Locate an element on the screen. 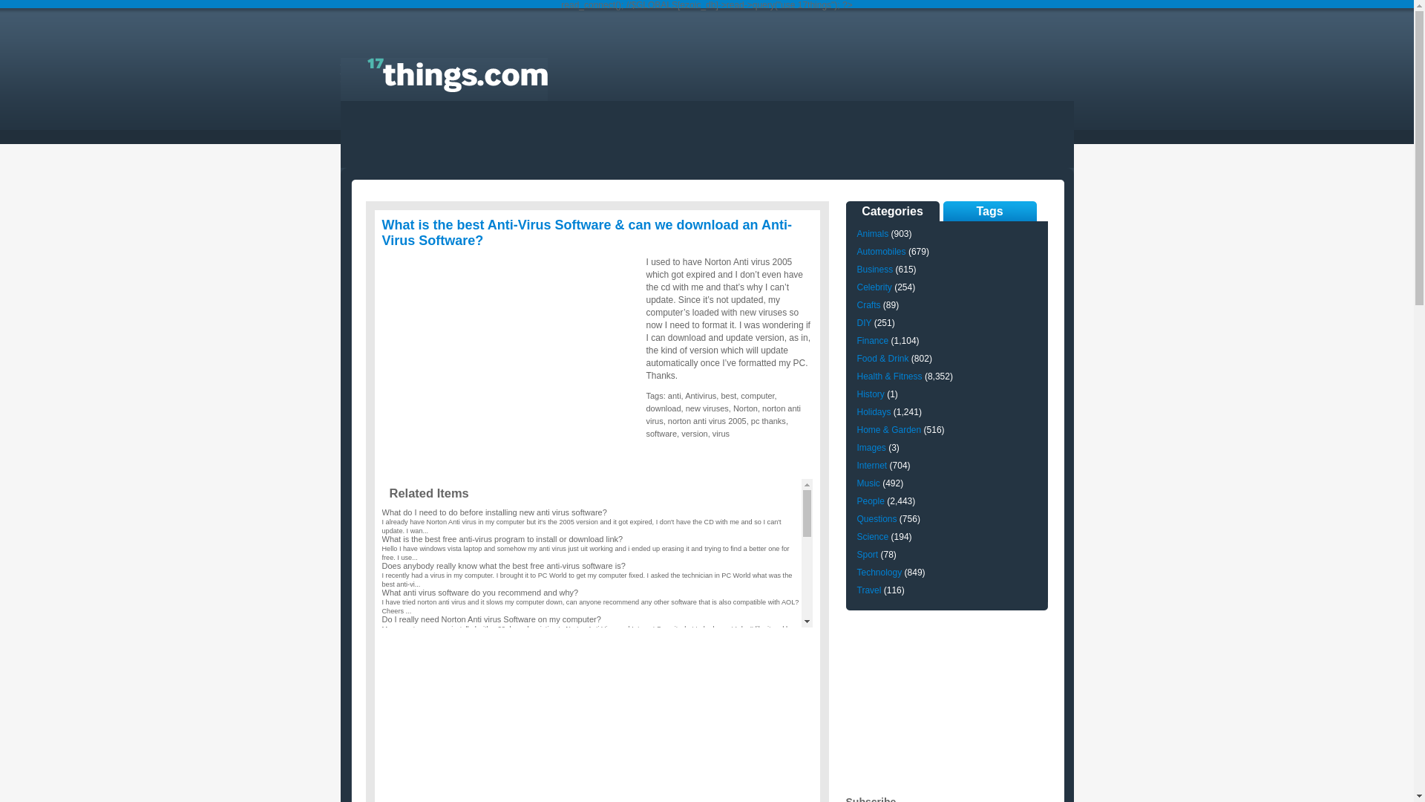 The height and width of the screenshot is (802, 1425). 'People' is located at coordinates (870, 501).